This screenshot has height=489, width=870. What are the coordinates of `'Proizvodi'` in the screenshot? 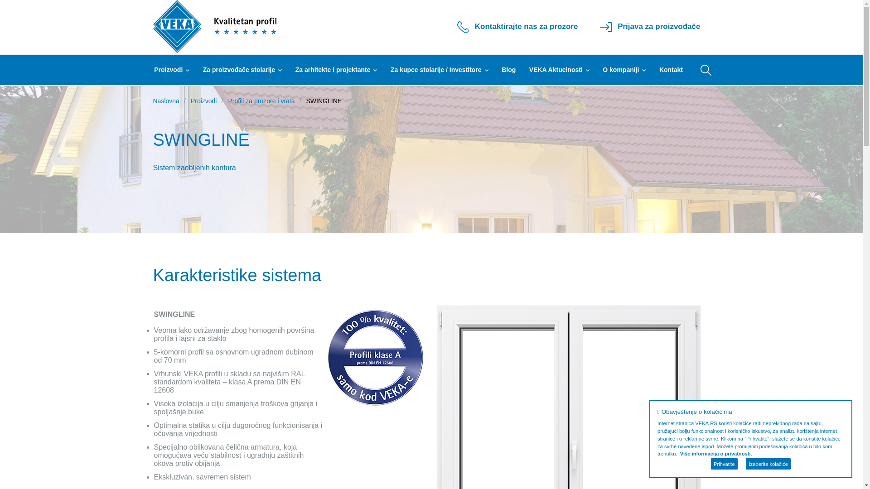 It's located at (203, 101).